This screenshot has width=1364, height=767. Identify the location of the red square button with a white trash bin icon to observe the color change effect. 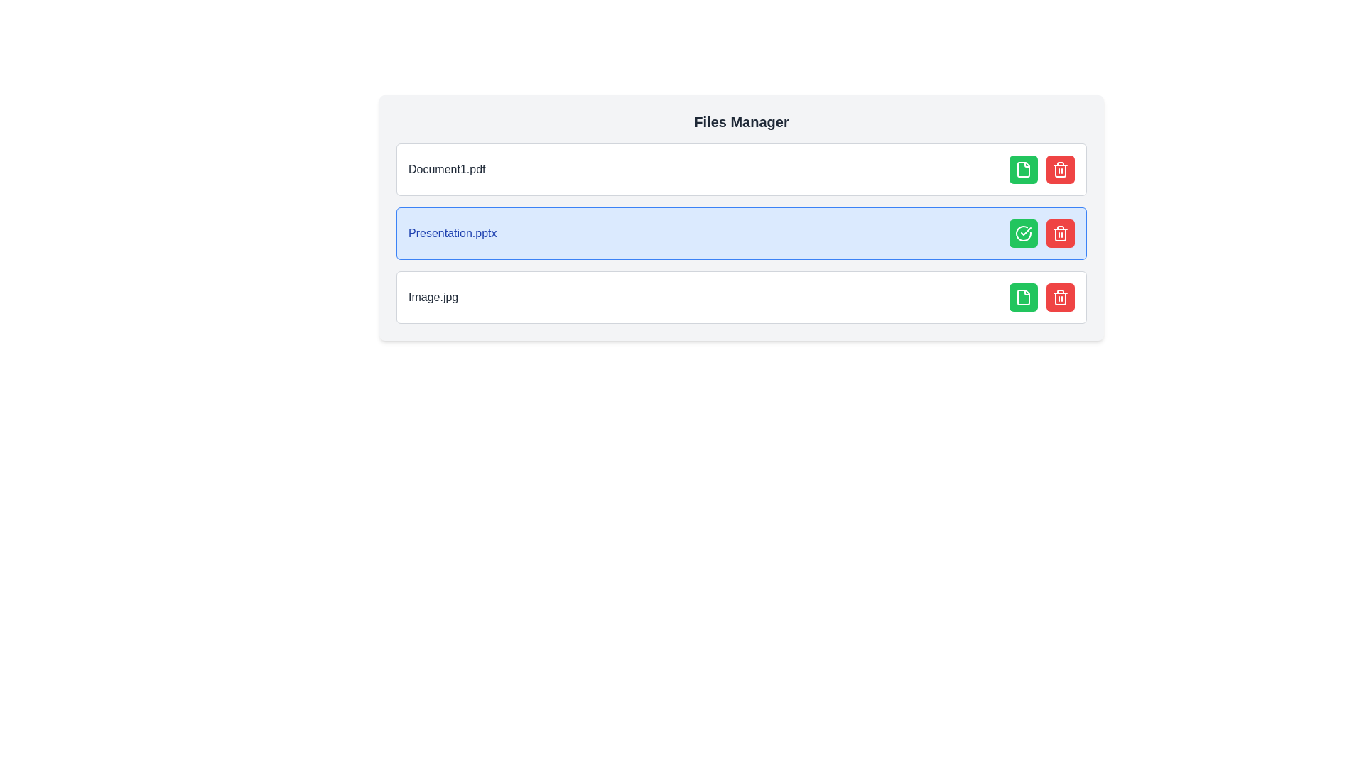
(1060, 232).